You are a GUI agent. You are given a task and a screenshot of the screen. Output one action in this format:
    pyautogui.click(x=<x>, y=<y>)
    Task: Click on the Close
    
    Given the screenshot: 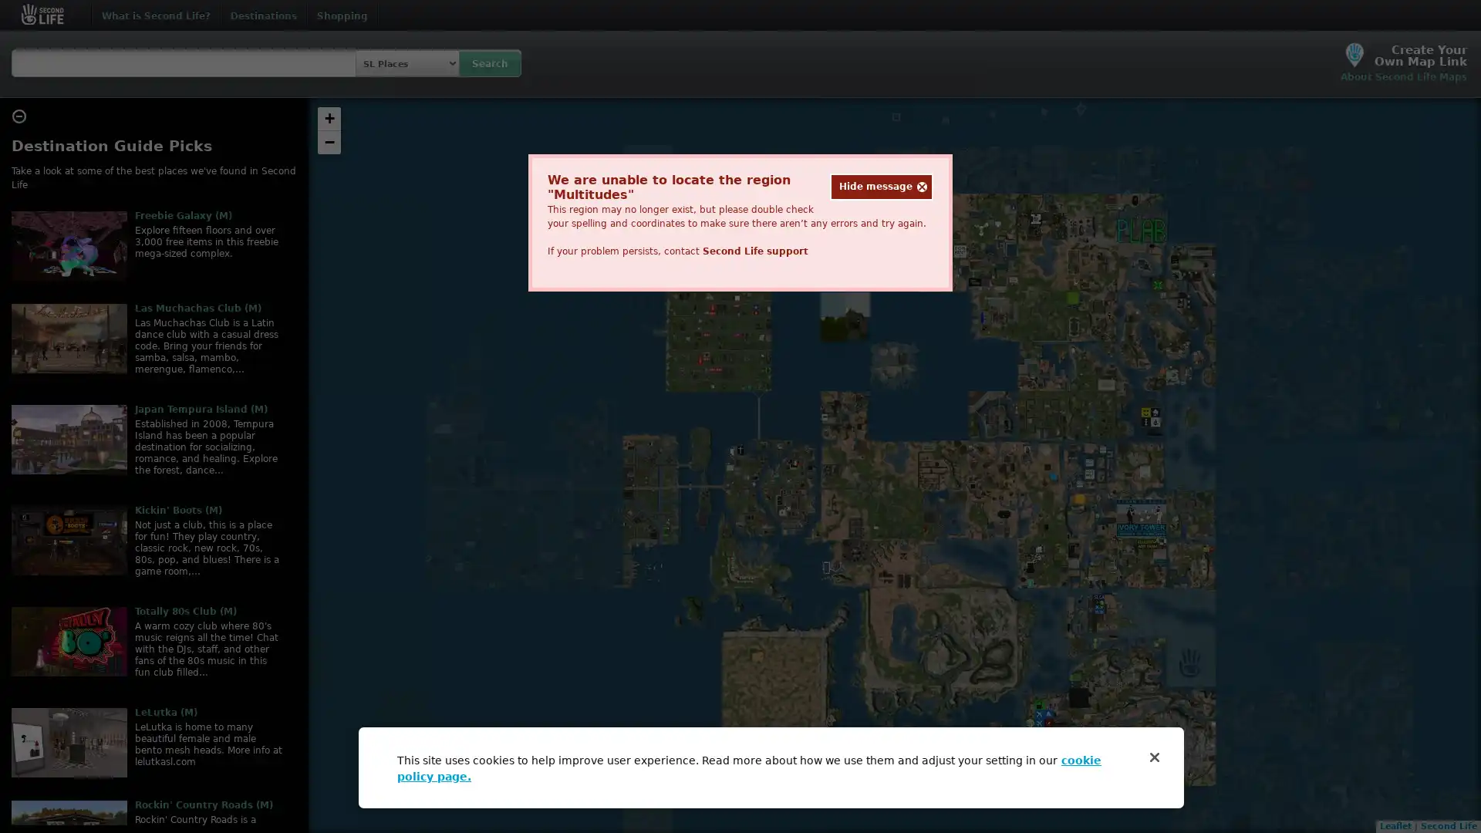 What is the action you would take?
    pyautogui.click(x=1155, y=757)
    